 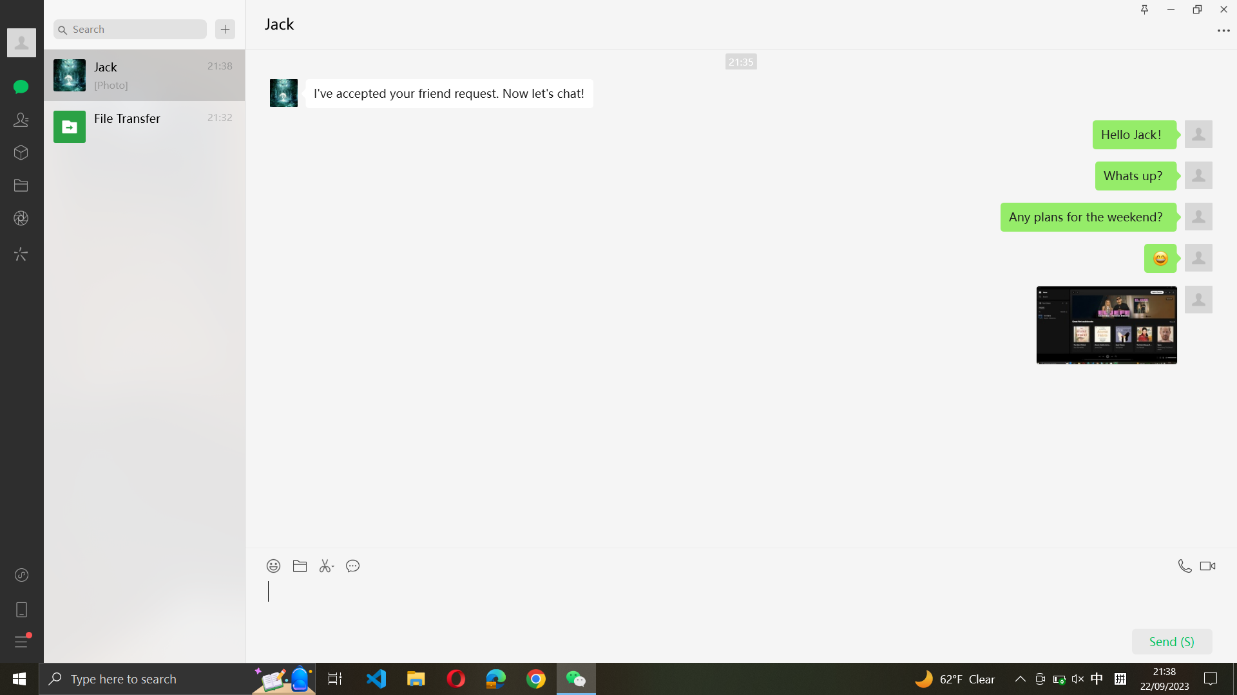 What do you see at coordinates (129, 28) in the screenshot?
I see `Search for Jack in chats` at bounding box center [129, 28].